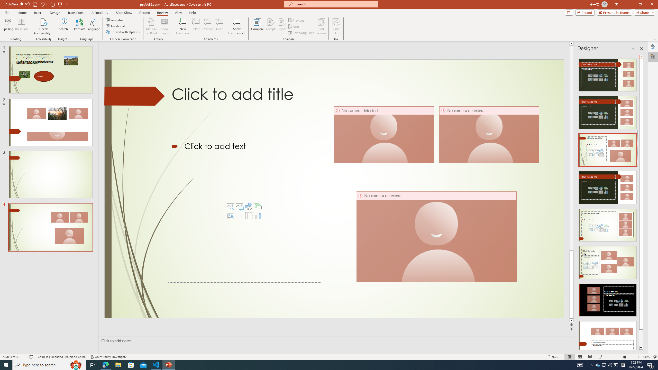 The height and width of the screenshot is (370, 658). What do you see at coordinates (196, 22) in the screenshot?
I see `'Delete'` at bounding box center [196, 22].